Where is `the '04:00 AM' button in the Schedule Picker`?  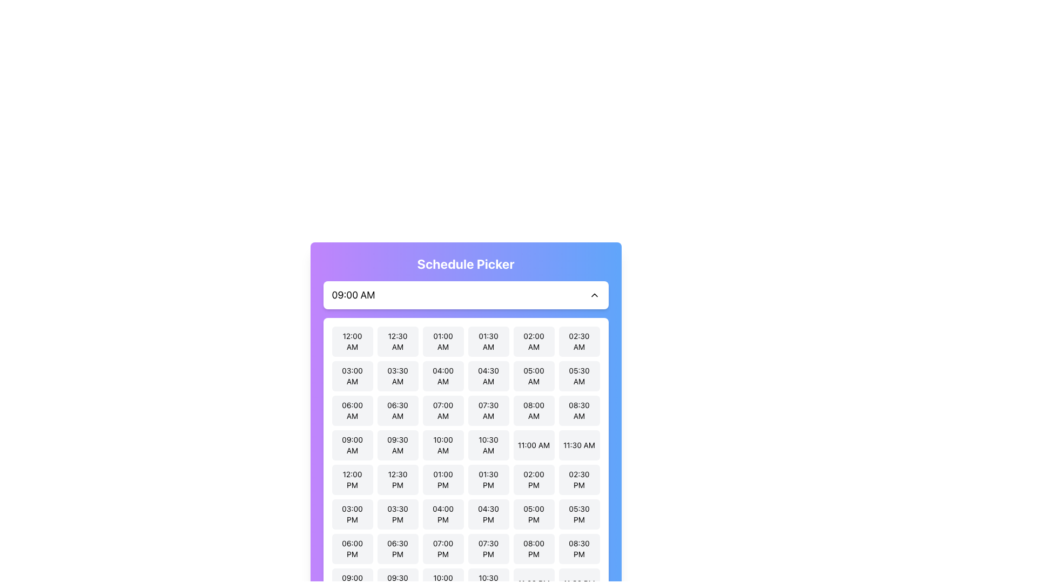 the '04:00 AM' button in the Schedule Picker is located at coordinates (443, 376).